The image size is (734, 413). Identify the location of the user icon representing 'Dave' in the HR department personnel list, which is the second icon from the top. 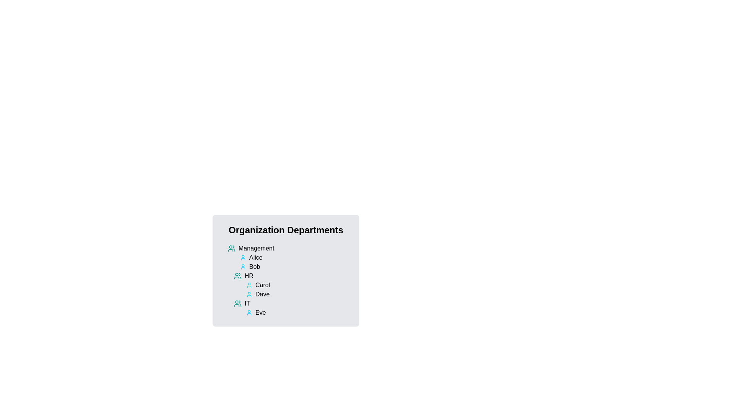
(249, 294).